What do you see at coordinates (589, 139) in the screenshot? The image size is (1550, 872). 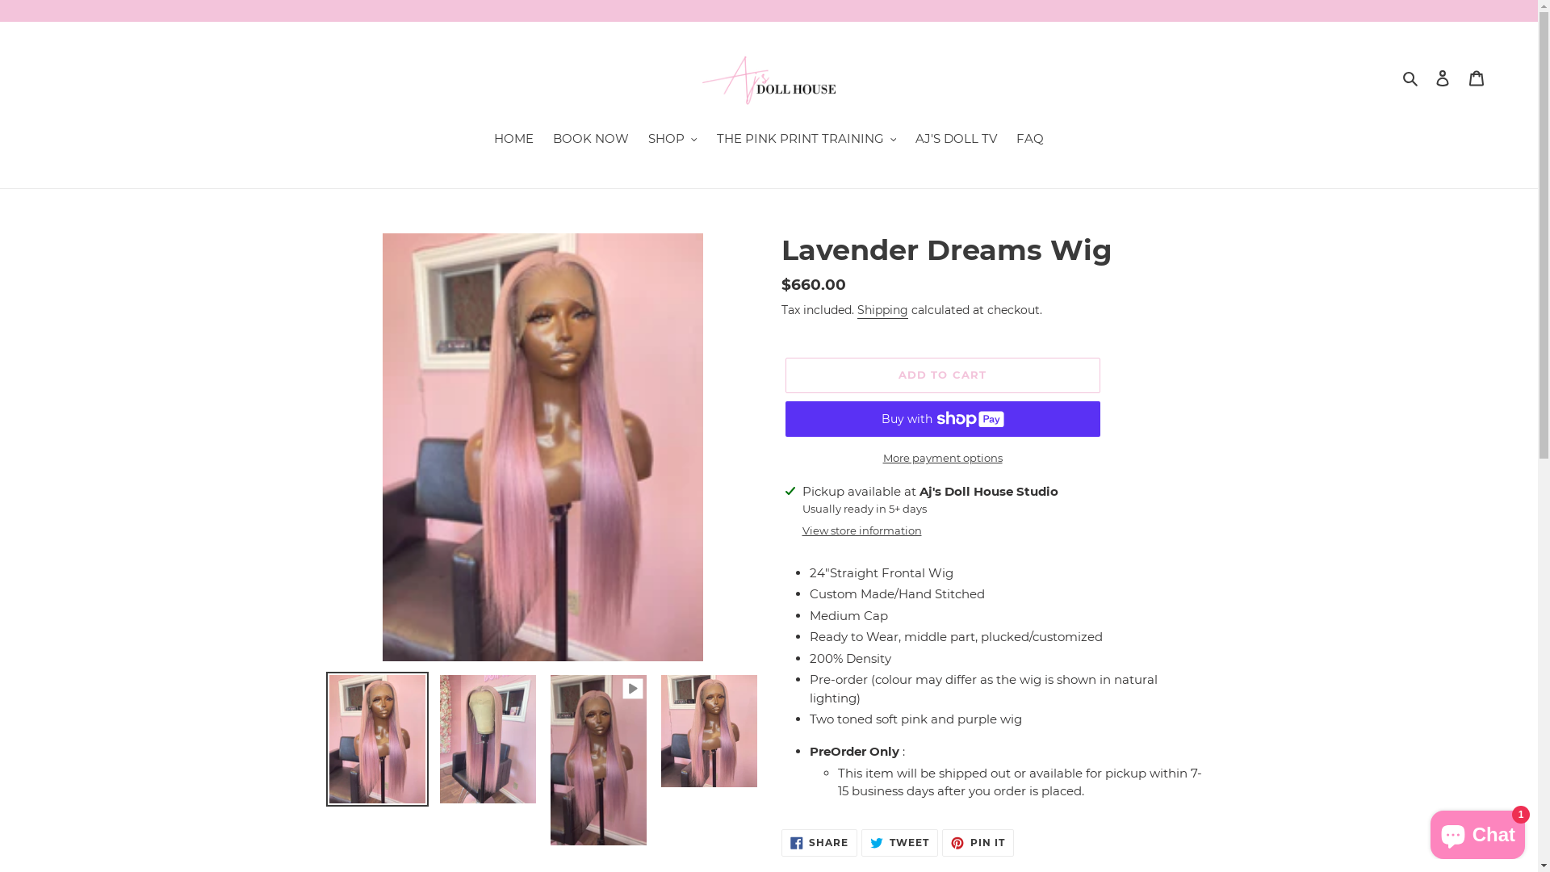 I see `'BOOK NOW'` at bounding box center [589, 139].